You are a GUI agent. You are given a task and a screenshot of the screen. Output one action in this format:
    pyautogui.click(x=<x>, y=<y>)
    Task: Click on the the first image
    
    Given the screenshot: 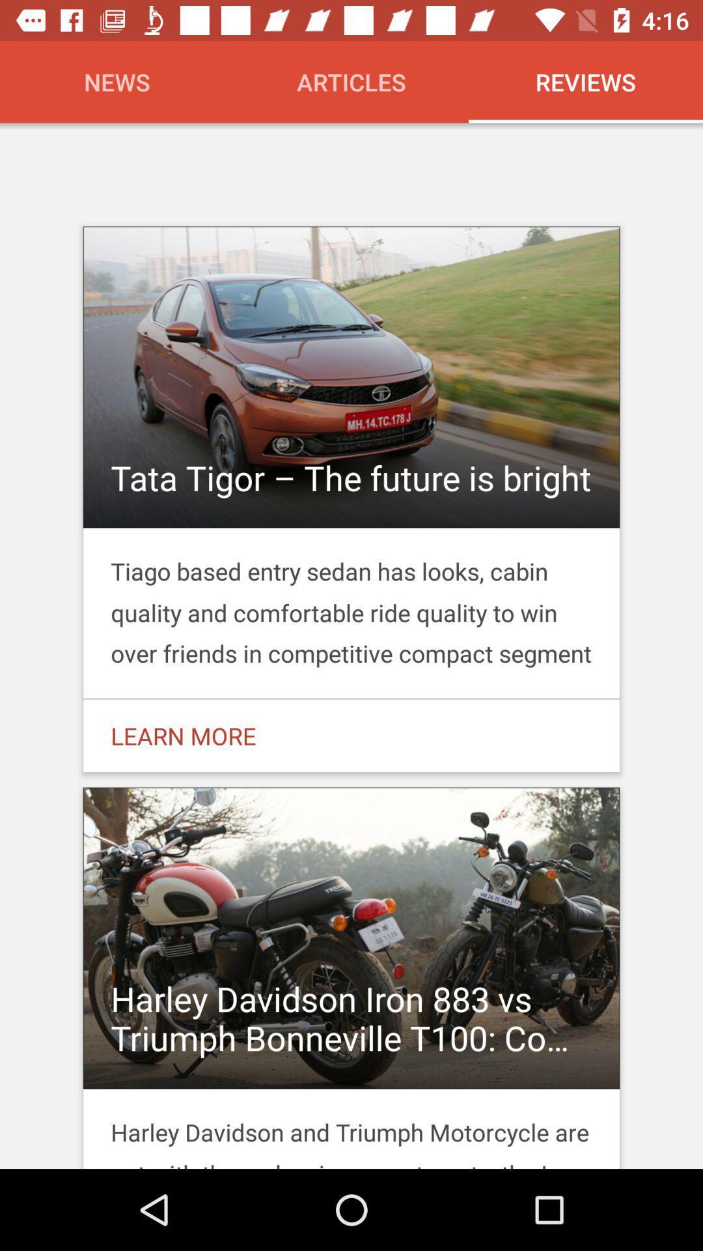 What is the action you would take?
    pyautogui.click(x=351, y=407)
    